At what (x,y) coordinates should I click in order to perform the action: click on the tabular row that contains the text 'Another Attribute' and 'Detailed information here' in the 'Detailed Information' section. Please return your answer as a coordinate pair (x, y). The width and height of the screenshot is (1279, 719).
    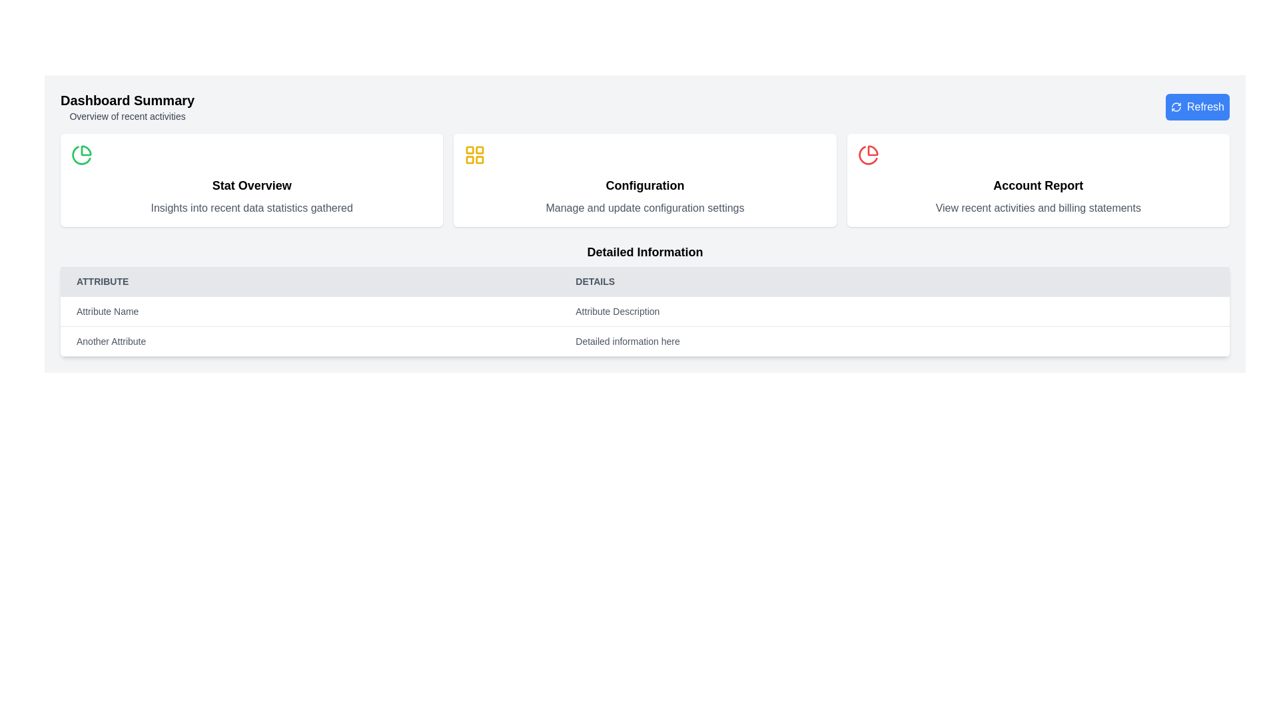
    Looking at the image, I should click on (645, 341).